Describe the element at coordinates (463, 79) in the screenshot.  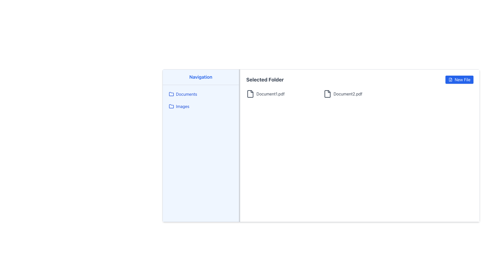
I see `text of the Text Label that indicates the purpose of the 'New File' button located at the top-right corner of the interface` at that location.